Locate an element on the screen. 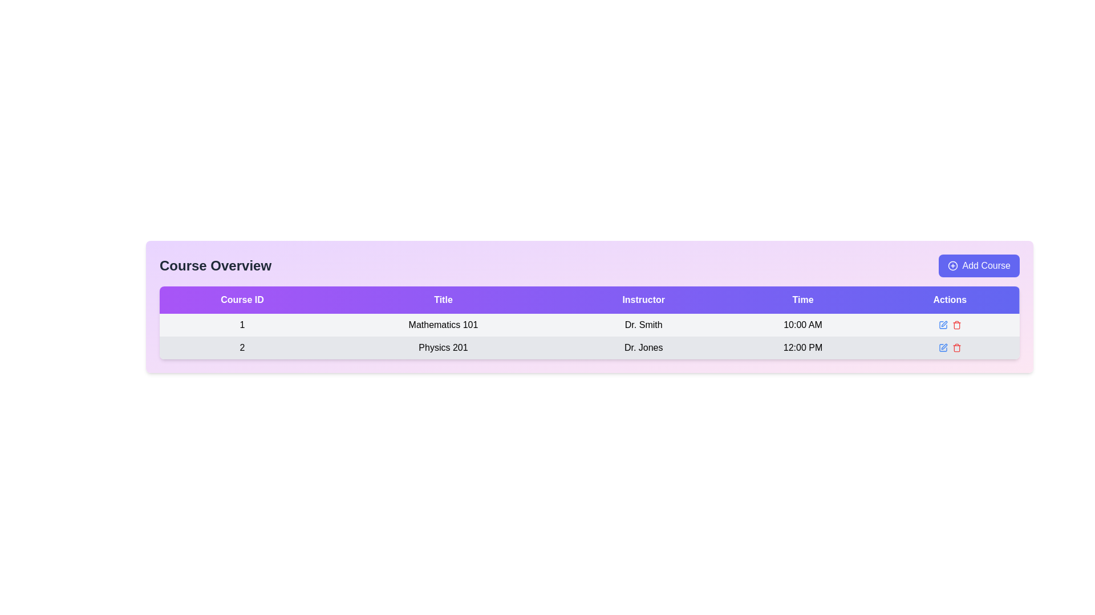 The height and width of the screenshot is (615, 1095). the editing button located in the 'Actions' column of the table, aligned with the 'Physics 201' row, to initiate editing is located at coordinates (943, 347).